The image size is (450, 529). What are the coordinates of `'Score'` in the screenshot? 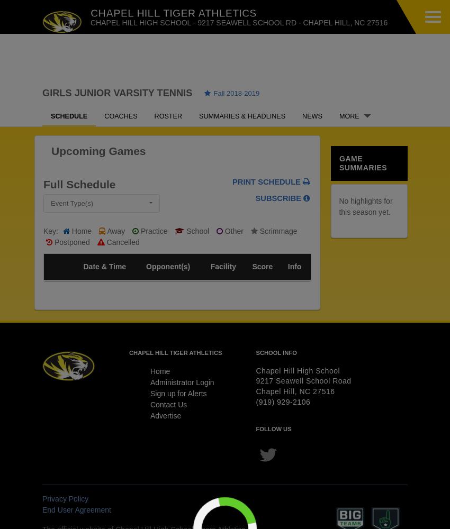 It's located at (262, 267).